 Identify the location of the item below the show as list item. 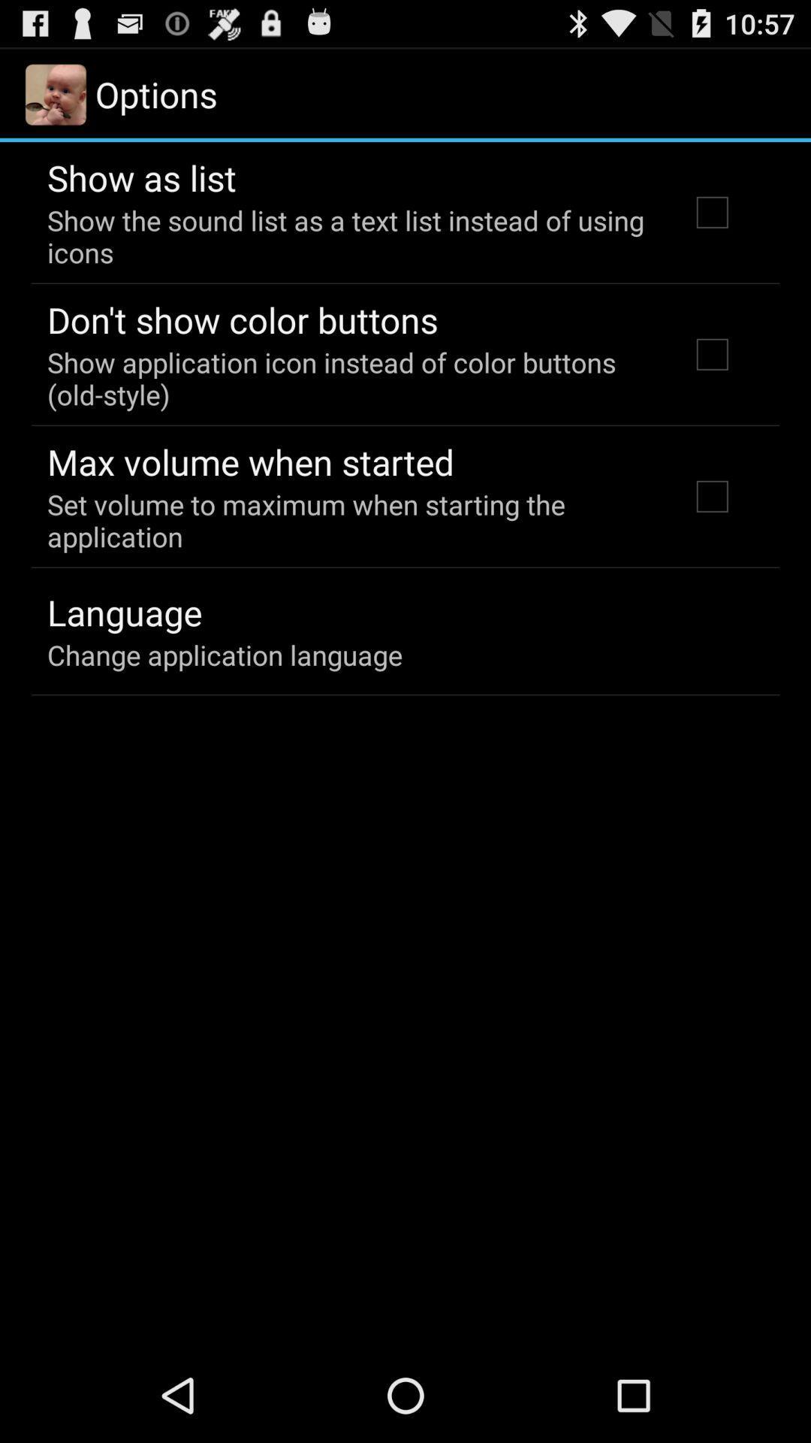
(348, 235).